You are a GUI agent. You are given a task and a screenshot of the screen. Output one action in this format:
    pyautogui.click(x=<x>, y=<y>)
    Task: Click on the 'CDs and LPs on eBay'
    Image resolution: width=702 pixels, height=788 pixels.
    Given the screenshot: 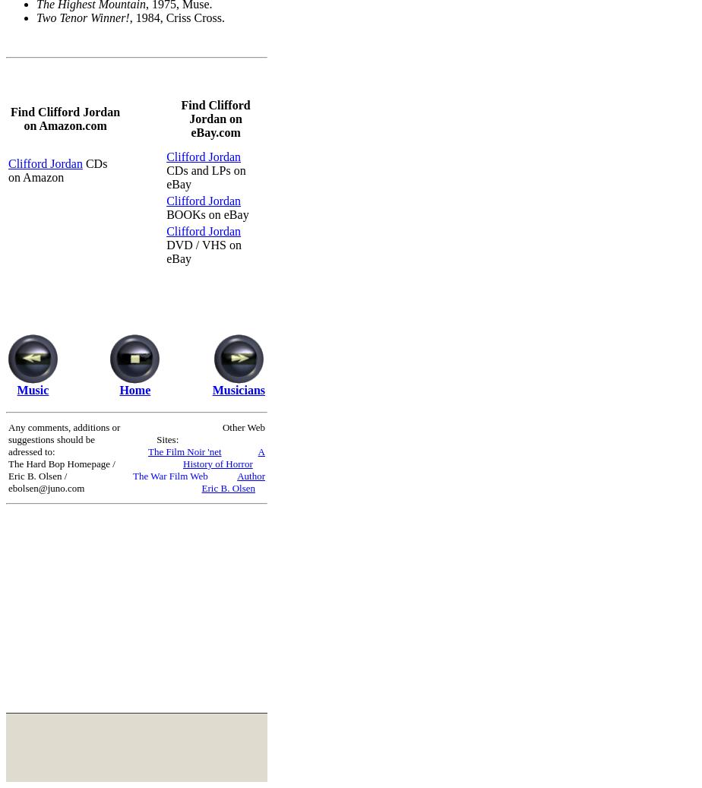 What is the action you would take?
    pyautogui.click(x=206, y=176)
    